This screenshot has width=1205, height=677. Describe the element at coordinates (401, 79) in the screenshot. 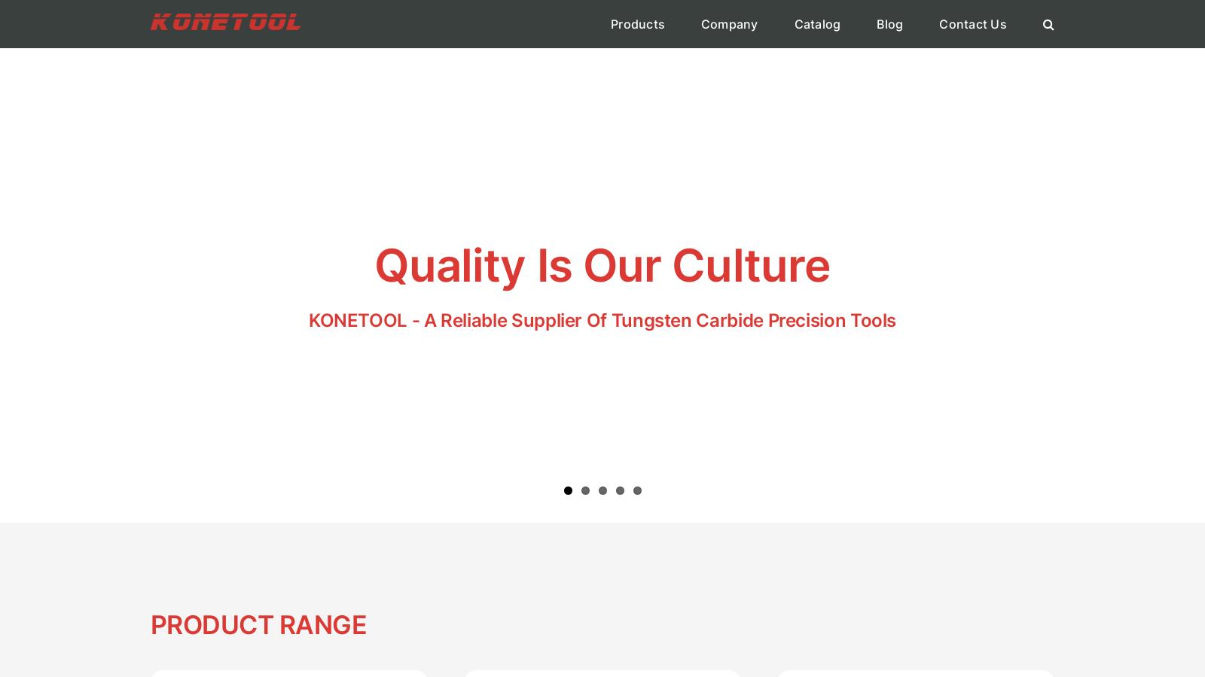

I see `'Industrial Knives'` at that location.